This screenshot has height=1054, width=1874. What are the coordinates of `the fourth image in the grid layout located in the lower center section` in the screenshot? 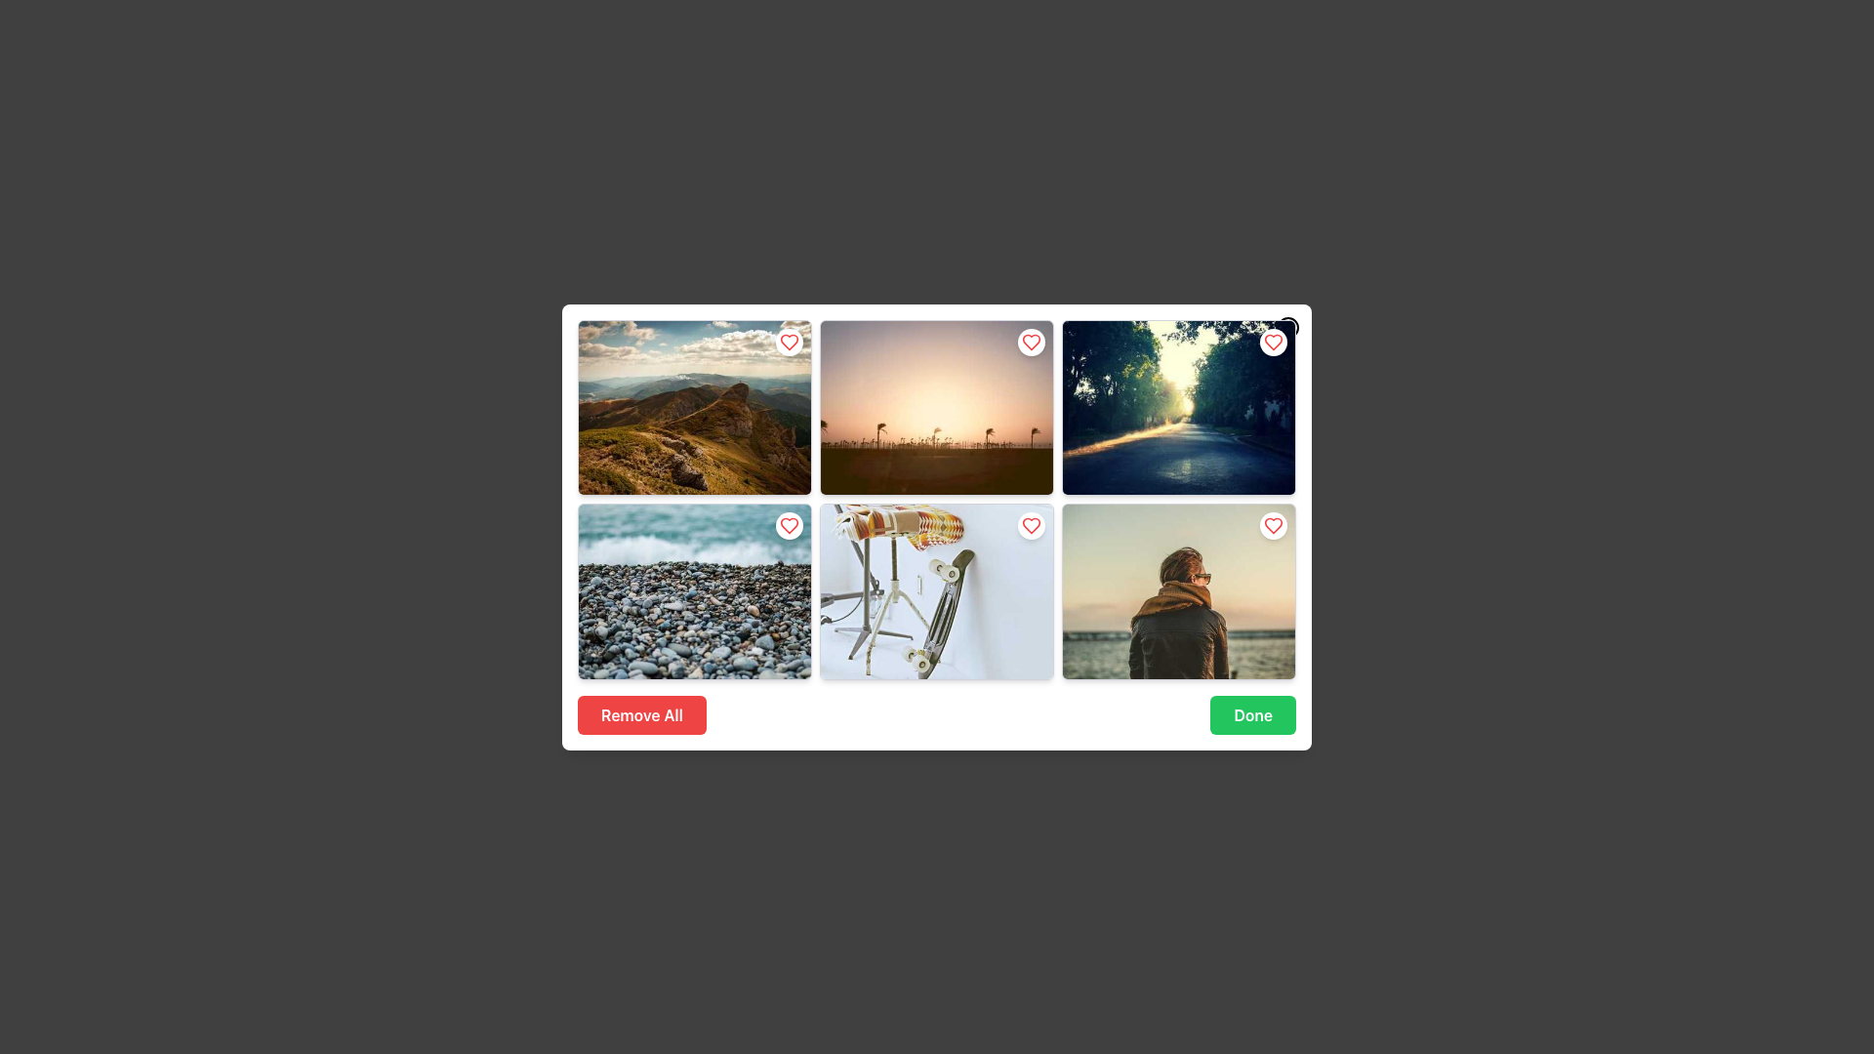 It's located at (937, 589).